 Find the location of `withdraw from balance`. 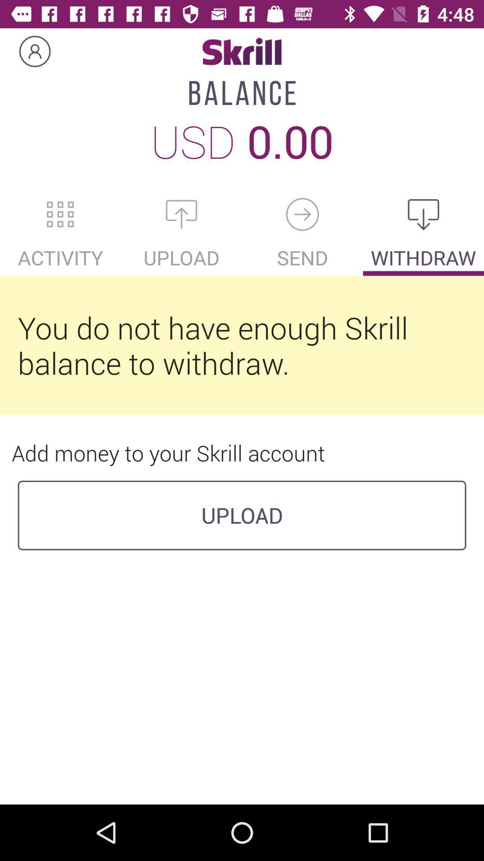

withdraw from balance is located at coordinates (423, 214).